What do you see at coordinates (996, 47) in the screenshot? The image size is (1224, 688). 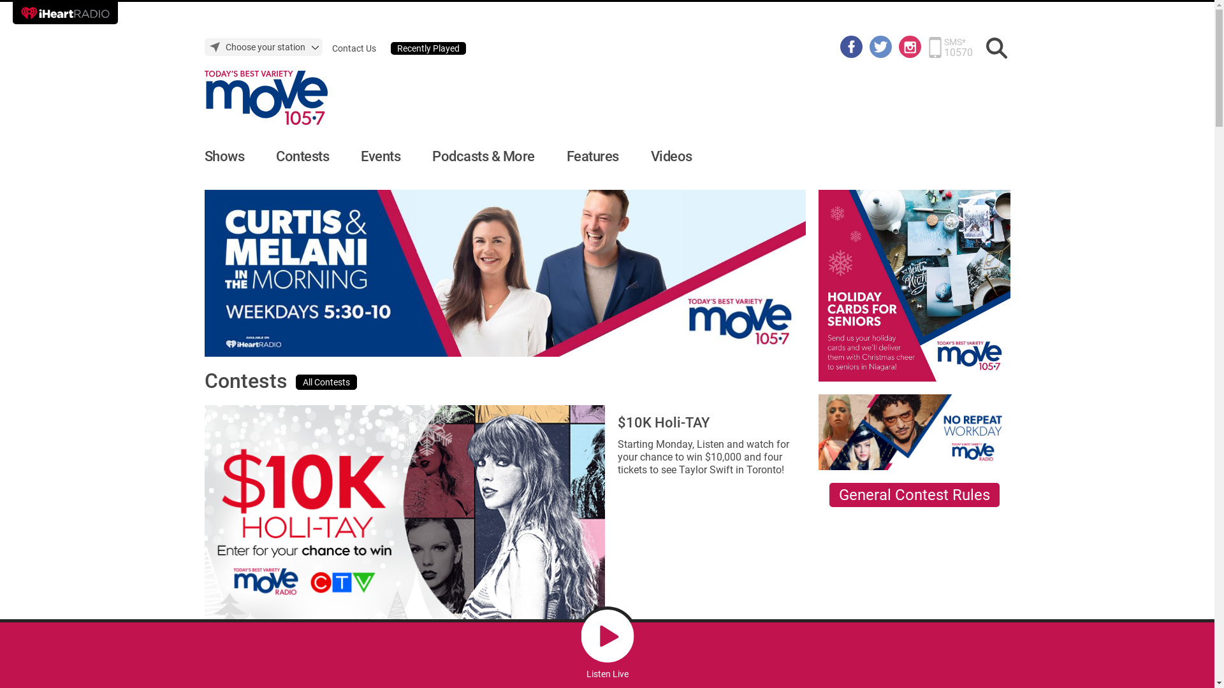 I see `'Search...'` at bounding box center [996, 47].